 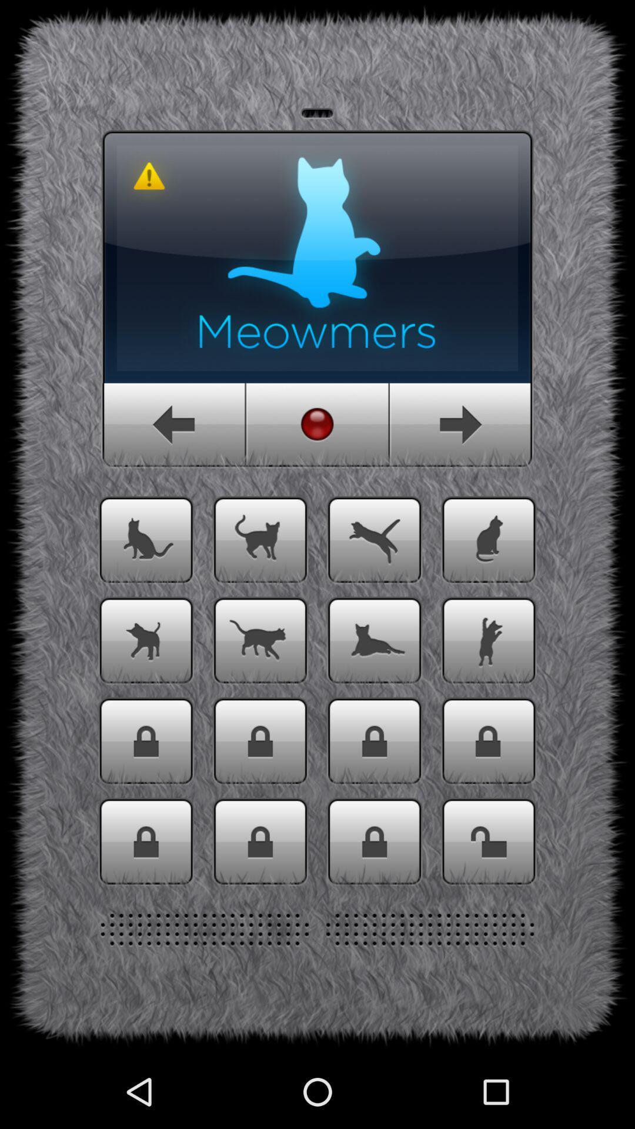 What do you see at coordinates (145, 907) in the screenshot?
I see `the lock icon` at bounding box center [145, 907].